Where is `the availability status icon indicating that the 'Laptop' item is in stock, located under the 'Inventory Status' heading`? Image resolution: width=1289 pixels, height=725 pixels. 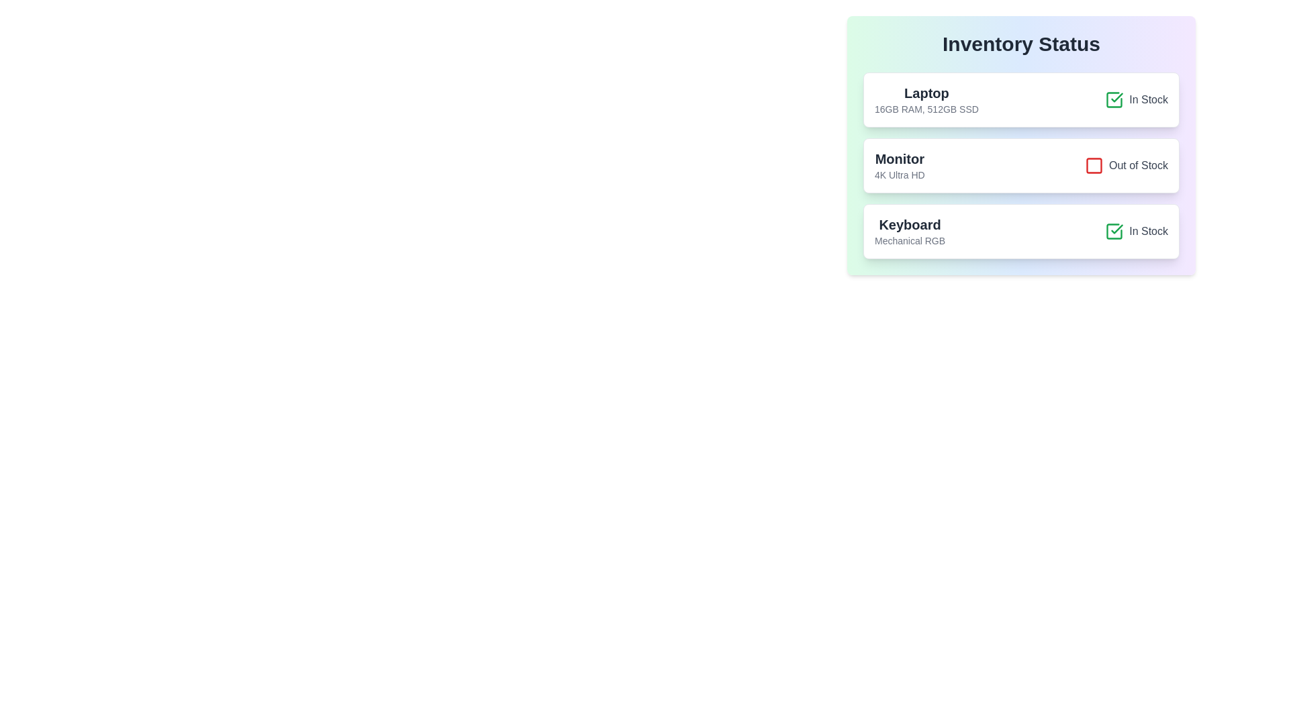 the availability status icon indicating that the 'Laptop' item is in stock, located under the 'Inventory Status' heading is located at coordinates (1114, 99).